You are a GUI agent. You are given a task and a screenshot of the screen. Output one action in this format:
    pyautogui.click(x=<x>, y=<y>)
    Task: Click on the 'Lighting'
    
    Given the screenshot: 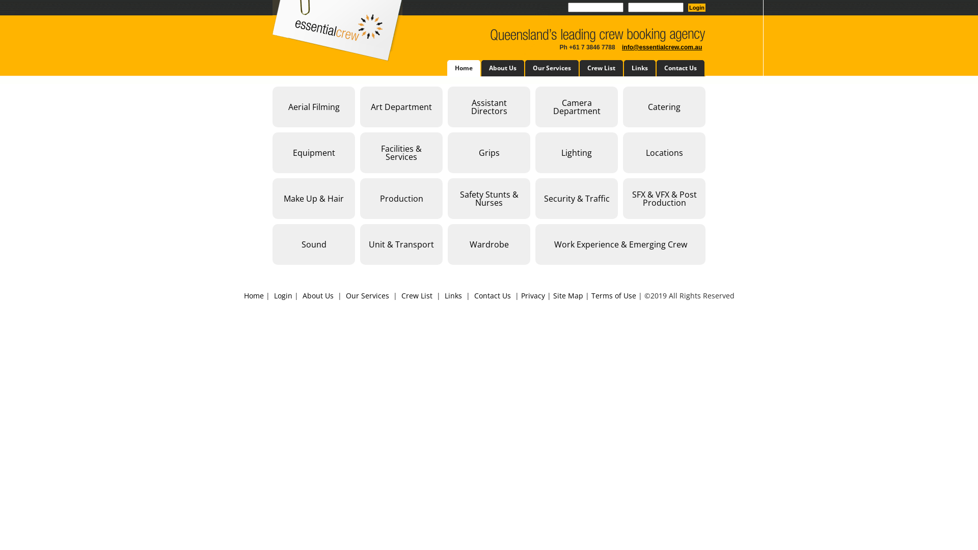 What is the action you would take?
    pyautogui.click(x=577, y=153)
    